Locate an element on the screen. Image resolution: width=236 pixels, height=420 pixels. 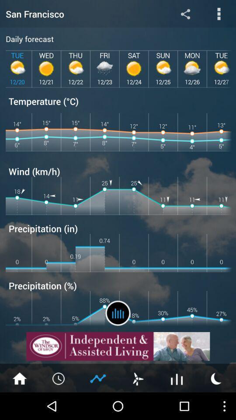
the share icon is located at coordinates (185, 14).